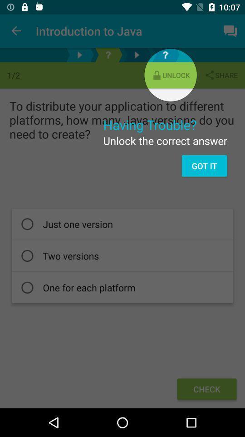  What do you see at coordinates (108, 55) in the screenshot?
I see `click button` at bounding box center [108, 55].